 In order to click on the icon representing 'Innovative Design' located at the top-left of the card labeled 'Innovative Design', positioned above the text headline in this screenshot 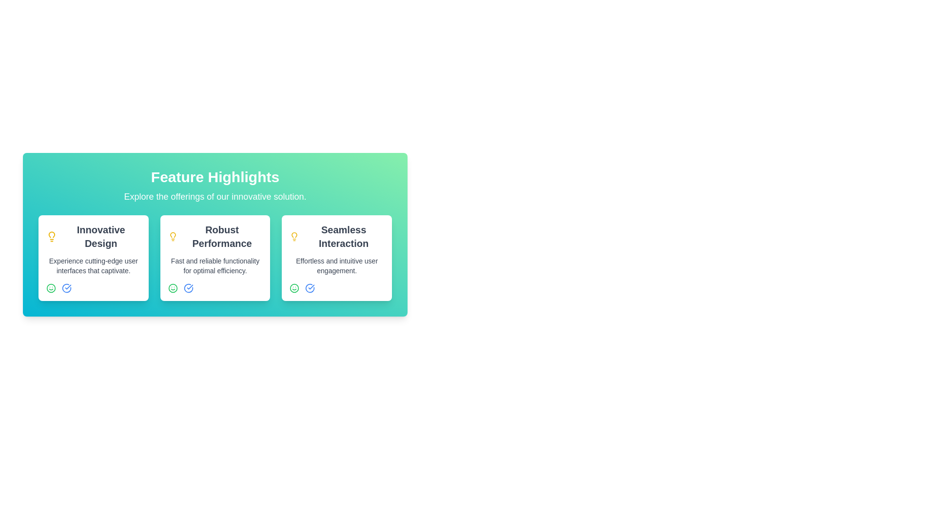, I will do `click(51, 237)`.